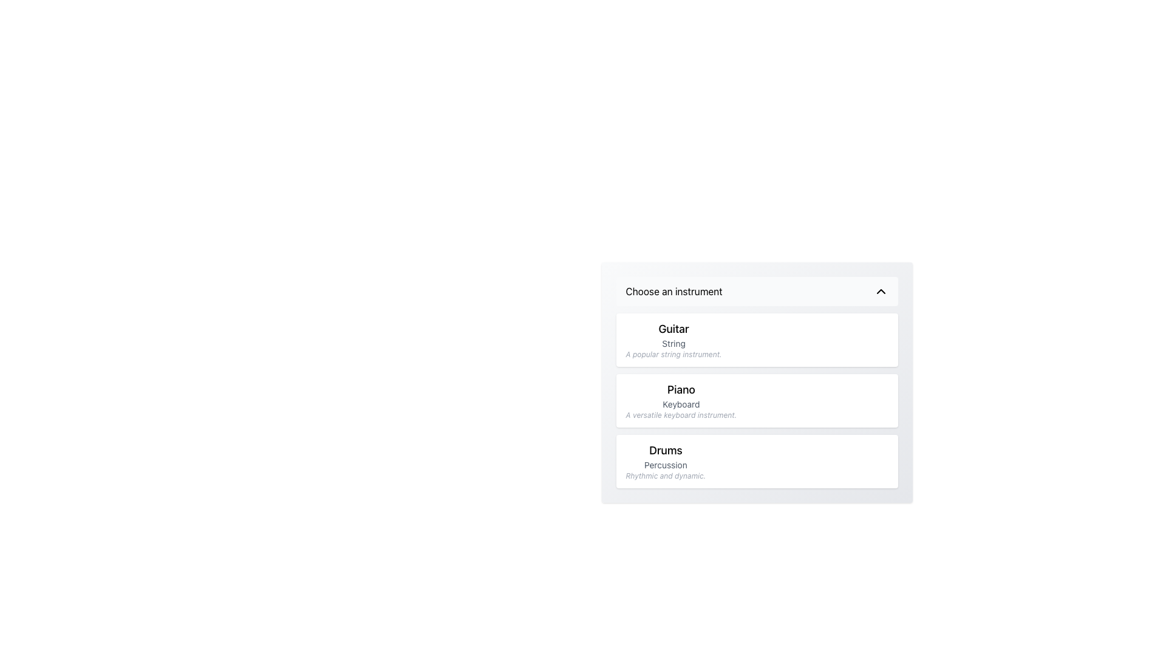 The height and width of the screenshot is (656, 1166). What do you see at coordinates (756, 461) in the screenshot?
I see `the third item in the vertical list, which is the selectable option for 'Drums', to focus on it` at bounding box center [756, 461].